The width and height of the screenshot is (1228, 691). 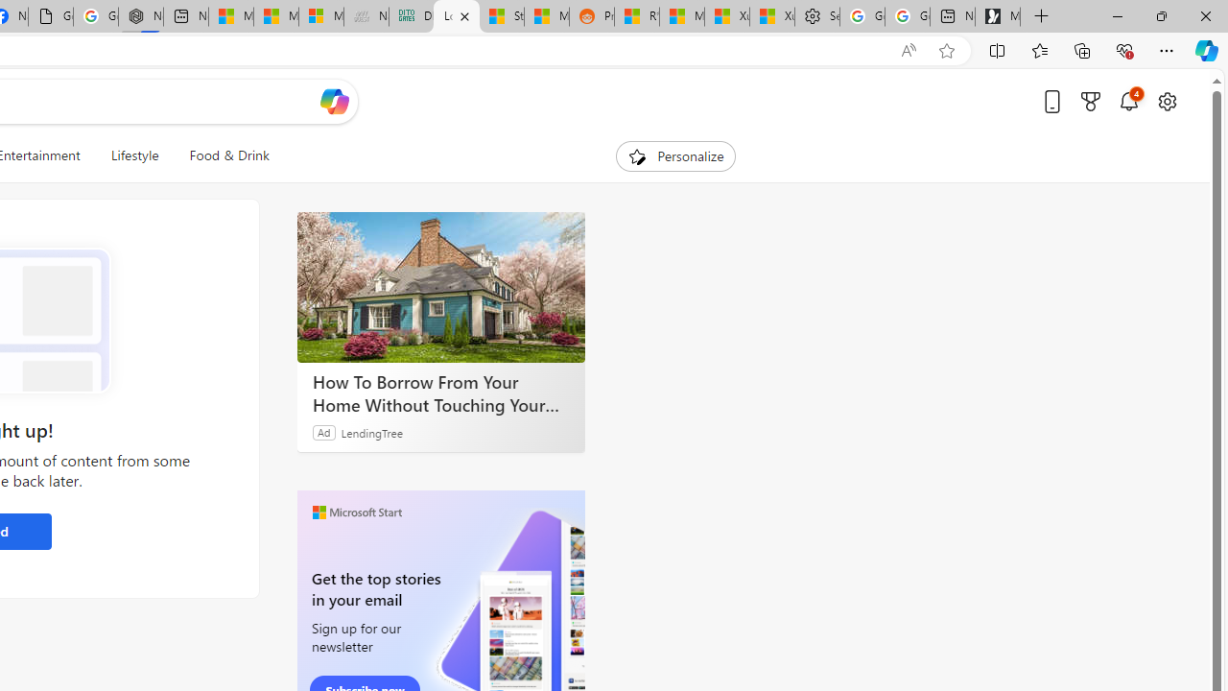 I want to click on 'Google Analytics Opt-out Browser Add-on Download Page', so click(x=50, y=16).